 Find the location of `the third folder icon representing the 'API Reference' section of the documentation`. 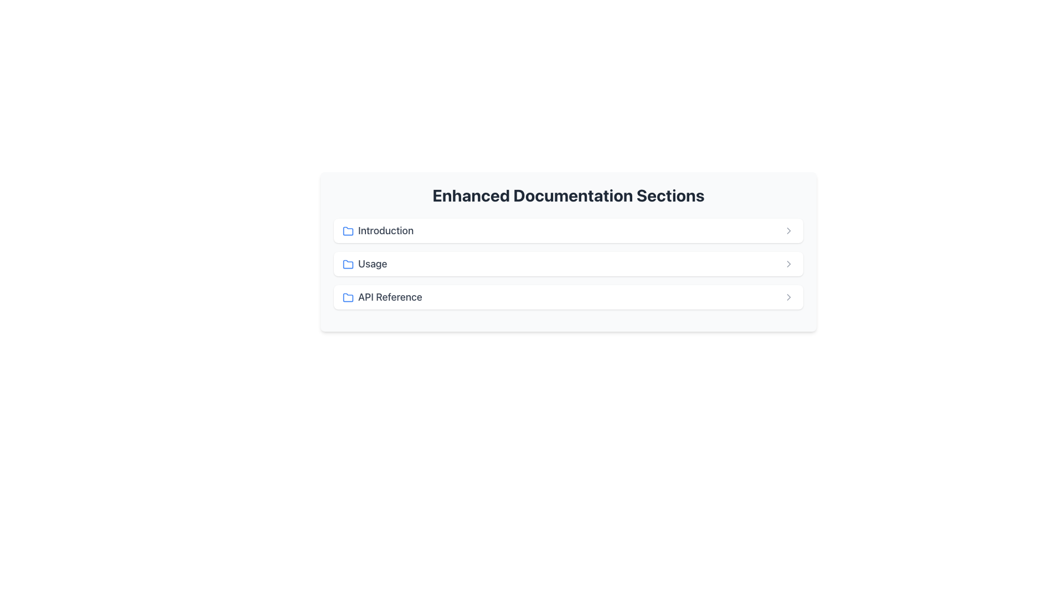

the third folder icon representing the 'API Reference' section of the documentation is located at coordinates (347, 296).